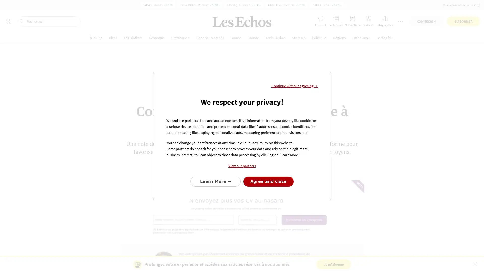 The height and width of the screenshot is (272, 484). I want to click on Commenter, so click(216, 167).